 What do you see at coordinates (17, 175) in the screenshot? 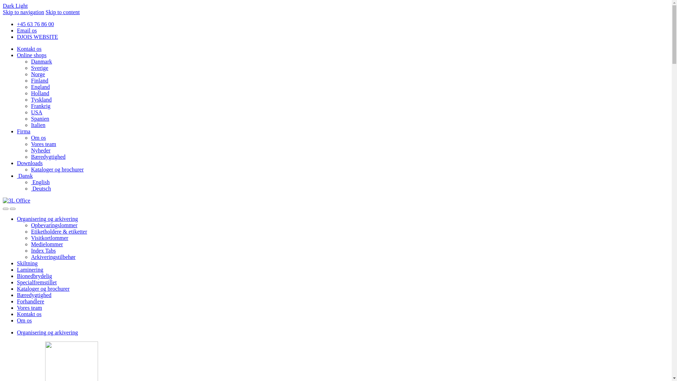
I see `' Dansk'` at bounding box center [17, 175].